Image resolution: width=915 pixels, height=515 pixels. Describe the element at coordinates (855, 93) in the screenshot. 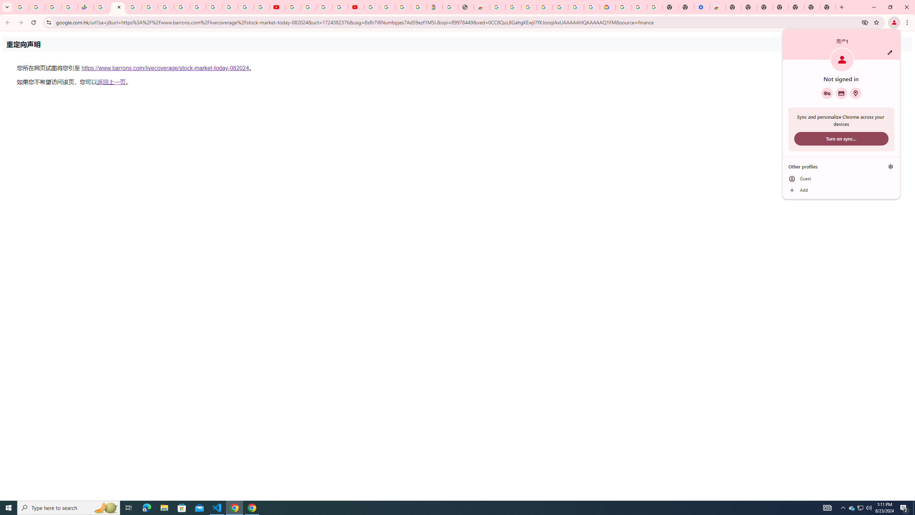

I see `'Addresses and more'` at that location.